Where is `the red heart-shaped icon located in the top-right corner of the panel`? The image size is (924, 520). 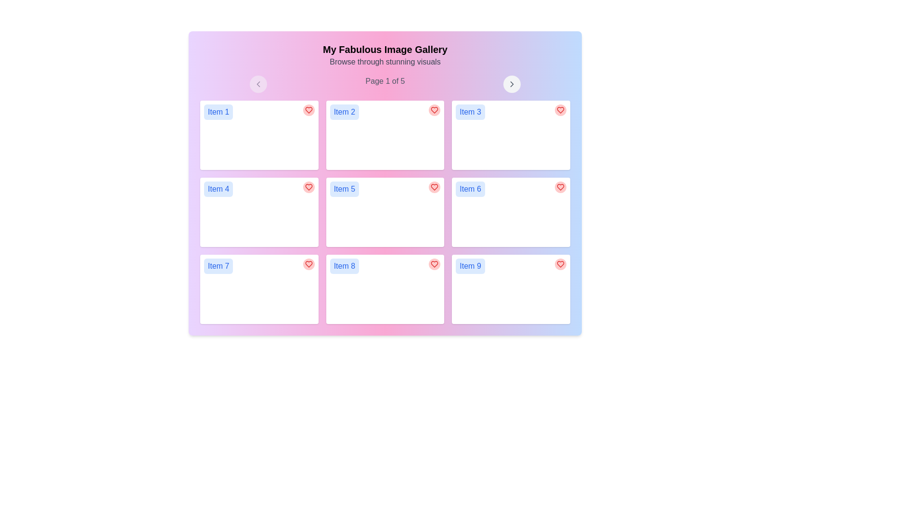 the red heart-shaped icon located in the top-right corner of the panel is located at coordinates (561, 109).